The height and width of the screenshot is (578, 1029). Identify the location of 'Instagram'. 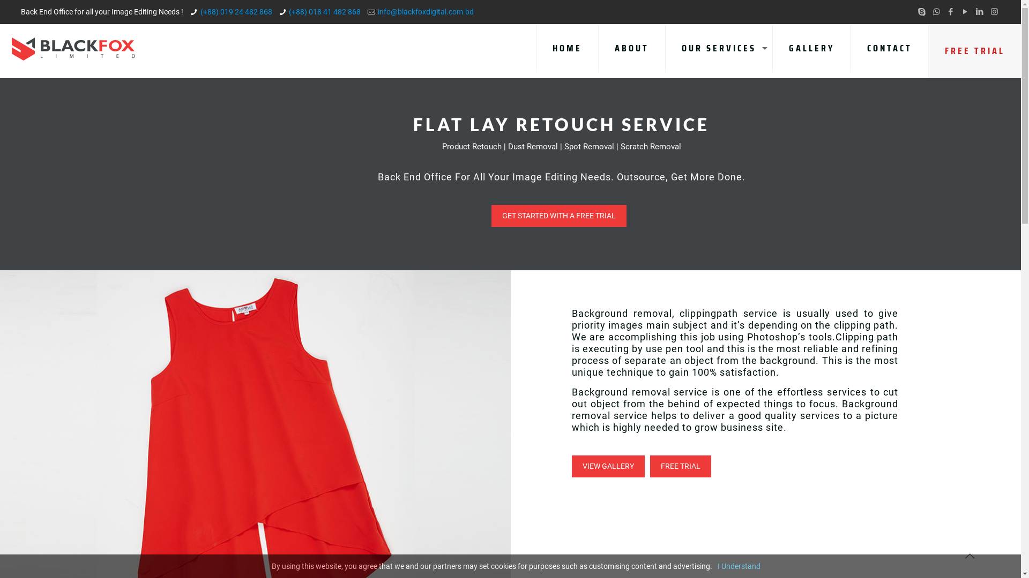
(994, 12).